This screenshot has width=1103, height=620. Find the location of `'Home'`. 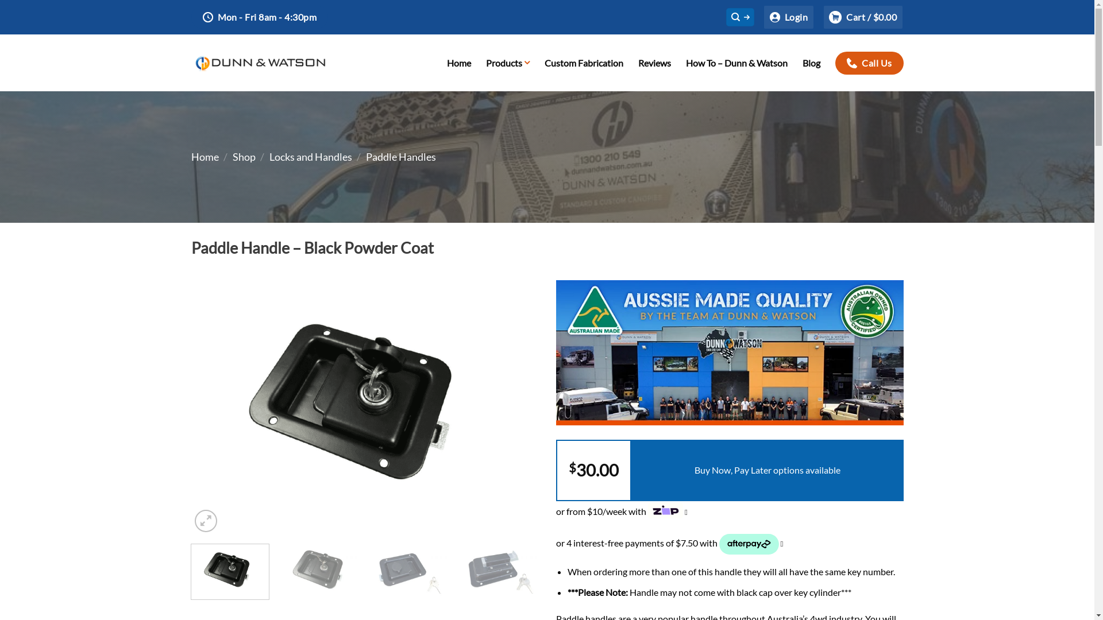

'Home' is located at coordinates (204, 157).